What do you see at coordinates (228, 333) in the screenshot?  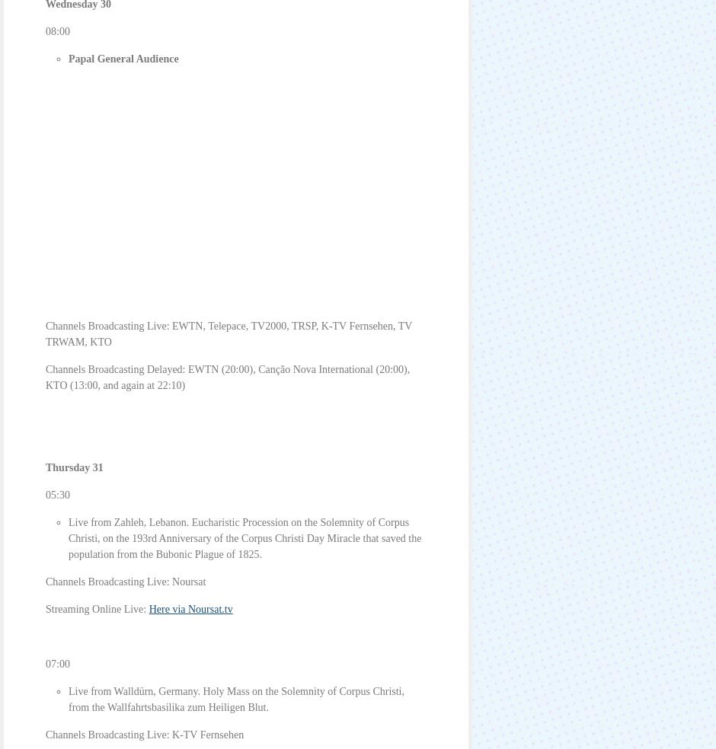 I see `'Channels Broadcasting Live: EWTN, Telepace, TV2000, TRSP, K-TV Fernsehen, TV TRWAM, KTO'` at bounding box center [228, 333].